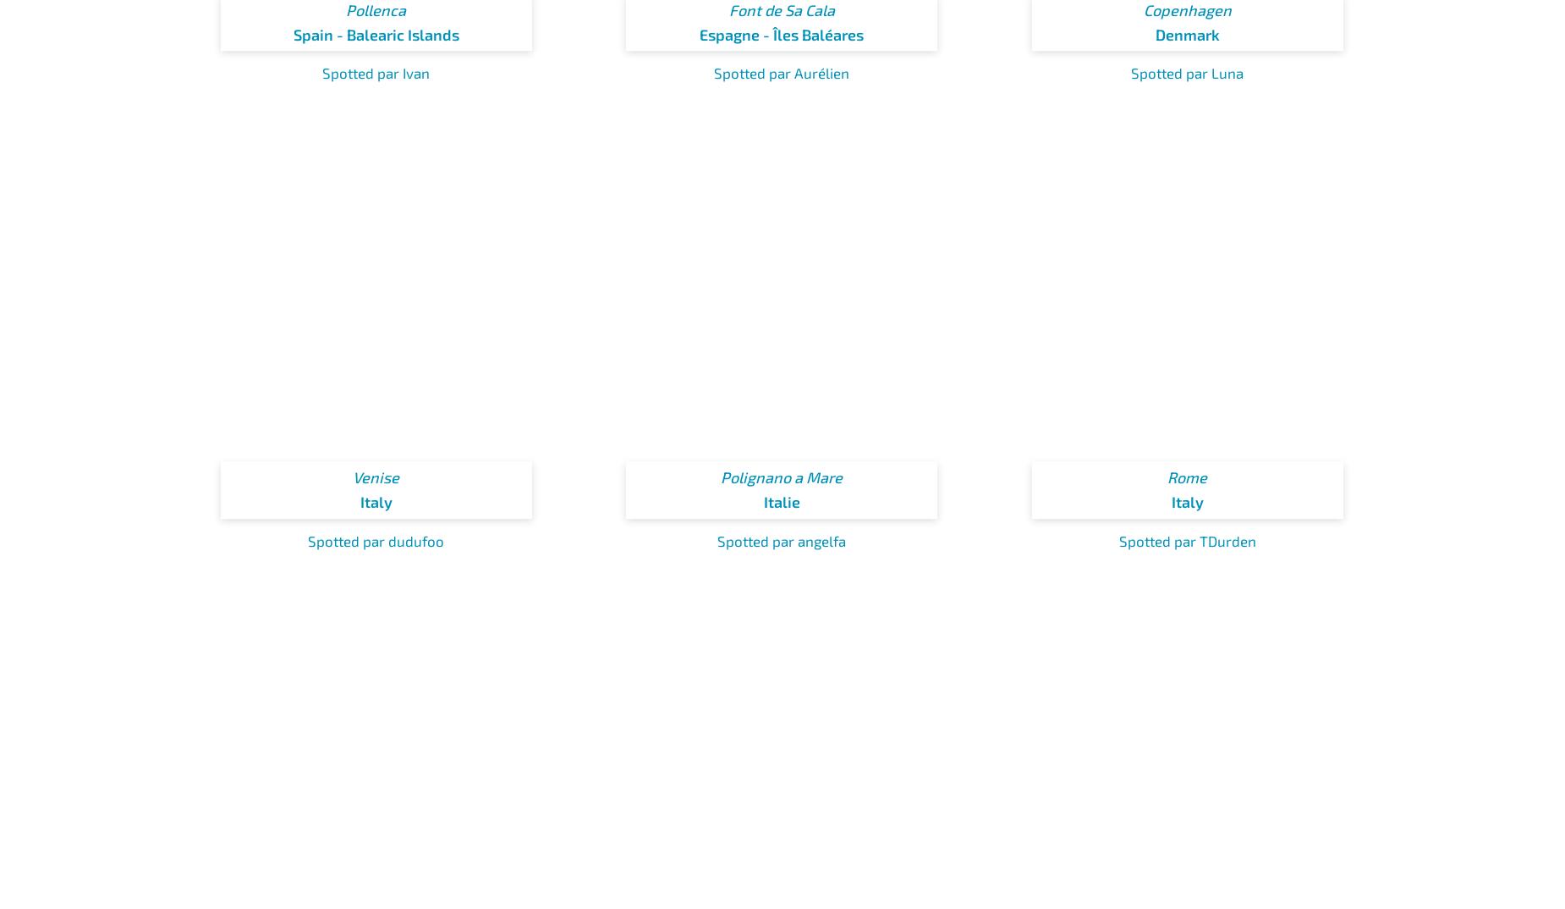 The image size is (1565, 909). What do you see at coordinates (782, 32) in the screenshot?
I see `'Espagne - Îles Baléares'` at bounding box center [782, 32].